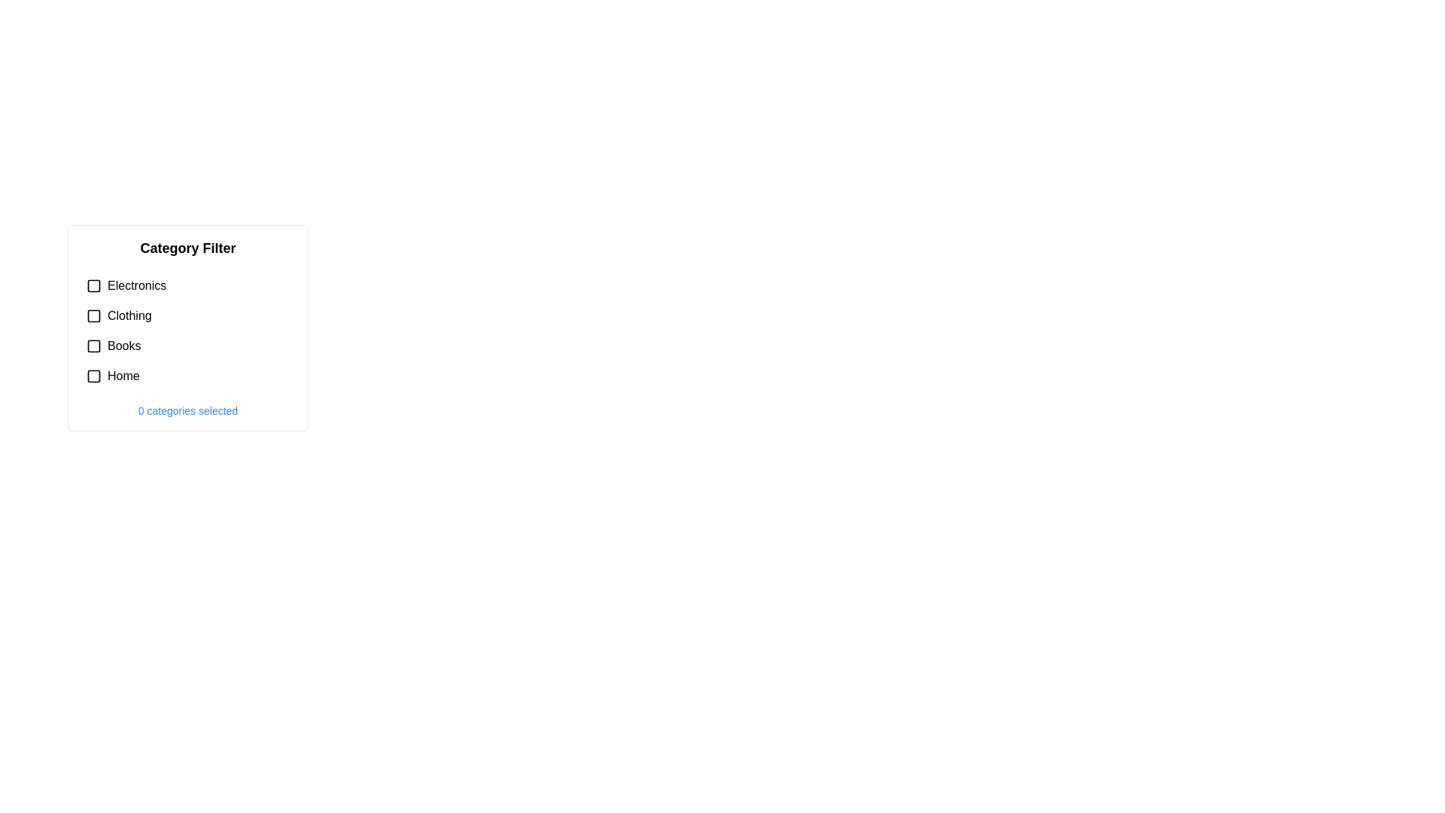 This screenshot has width=1445, height=813. What do you see at coordinates (187, 376) in the screenshot?
I see `the Checkbox labeled 'Home'` at bounding box center [187, 376].